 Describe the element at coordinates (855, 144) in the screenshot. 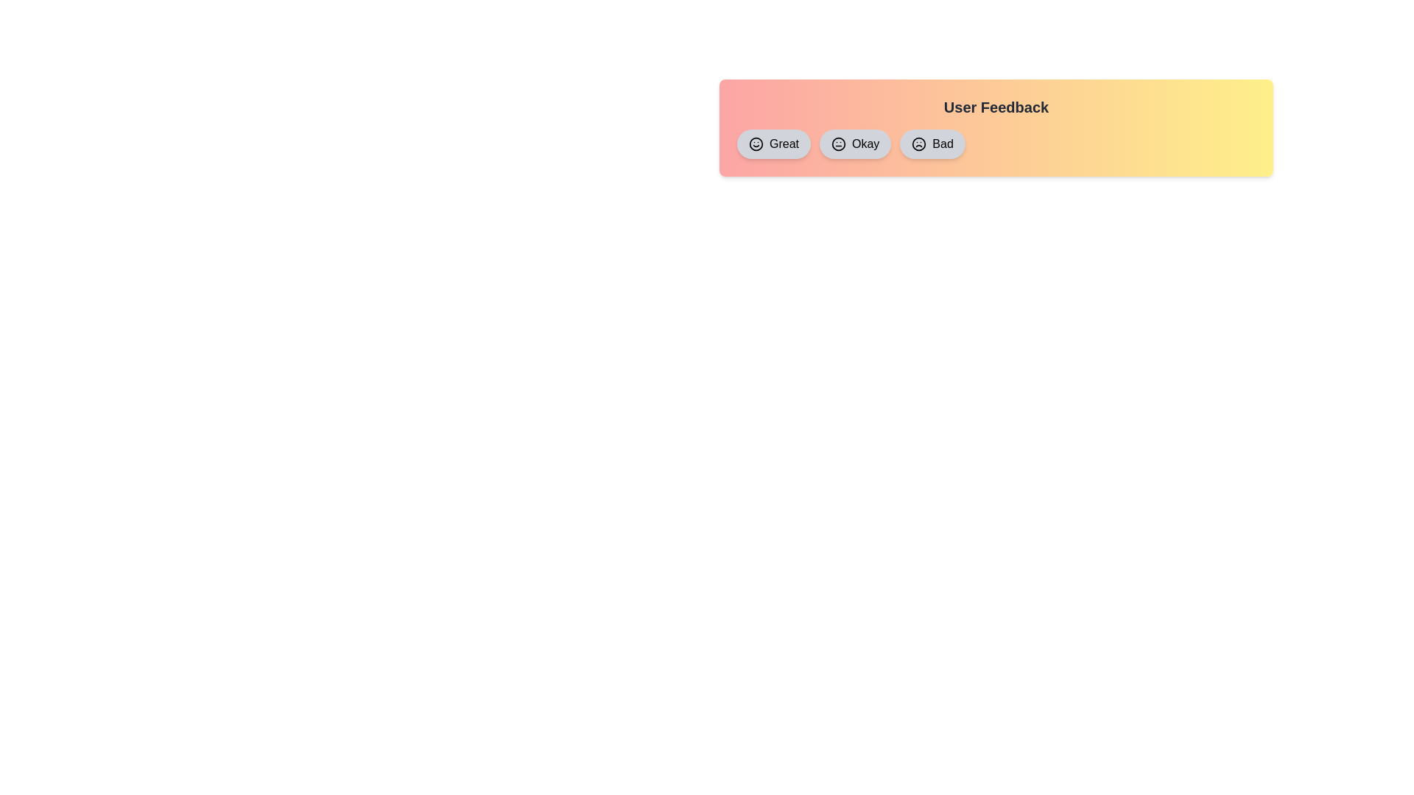

I see `the 'Okay' feedback chip to toggle its selection` at that location.